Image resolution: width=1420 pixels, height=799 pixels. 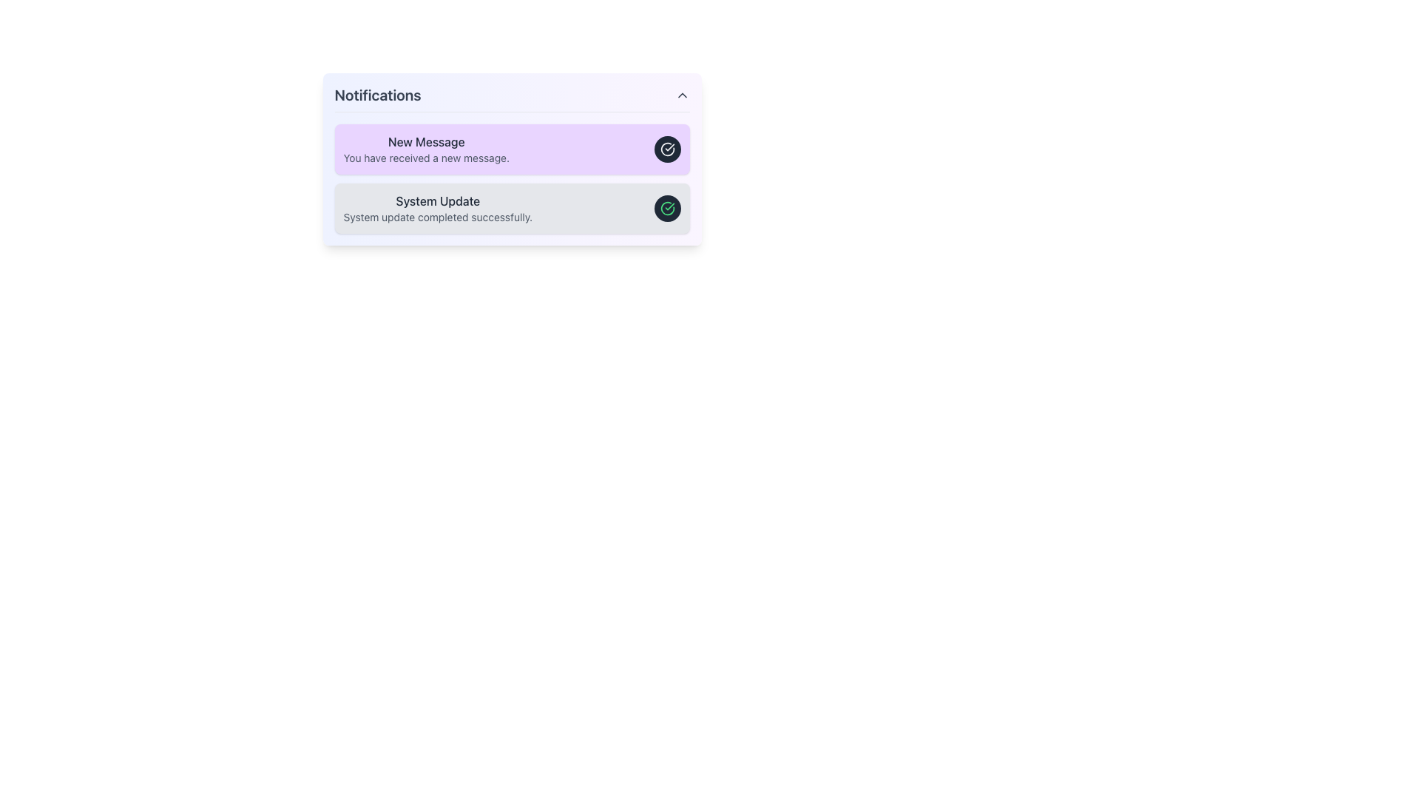 I want to click on the circular icon with a dark base and a green checkmark symbol, located in the bottom row of the notification pane, at the rightmost edge of the 'System Update' notification card, so click(x=666, y=208).